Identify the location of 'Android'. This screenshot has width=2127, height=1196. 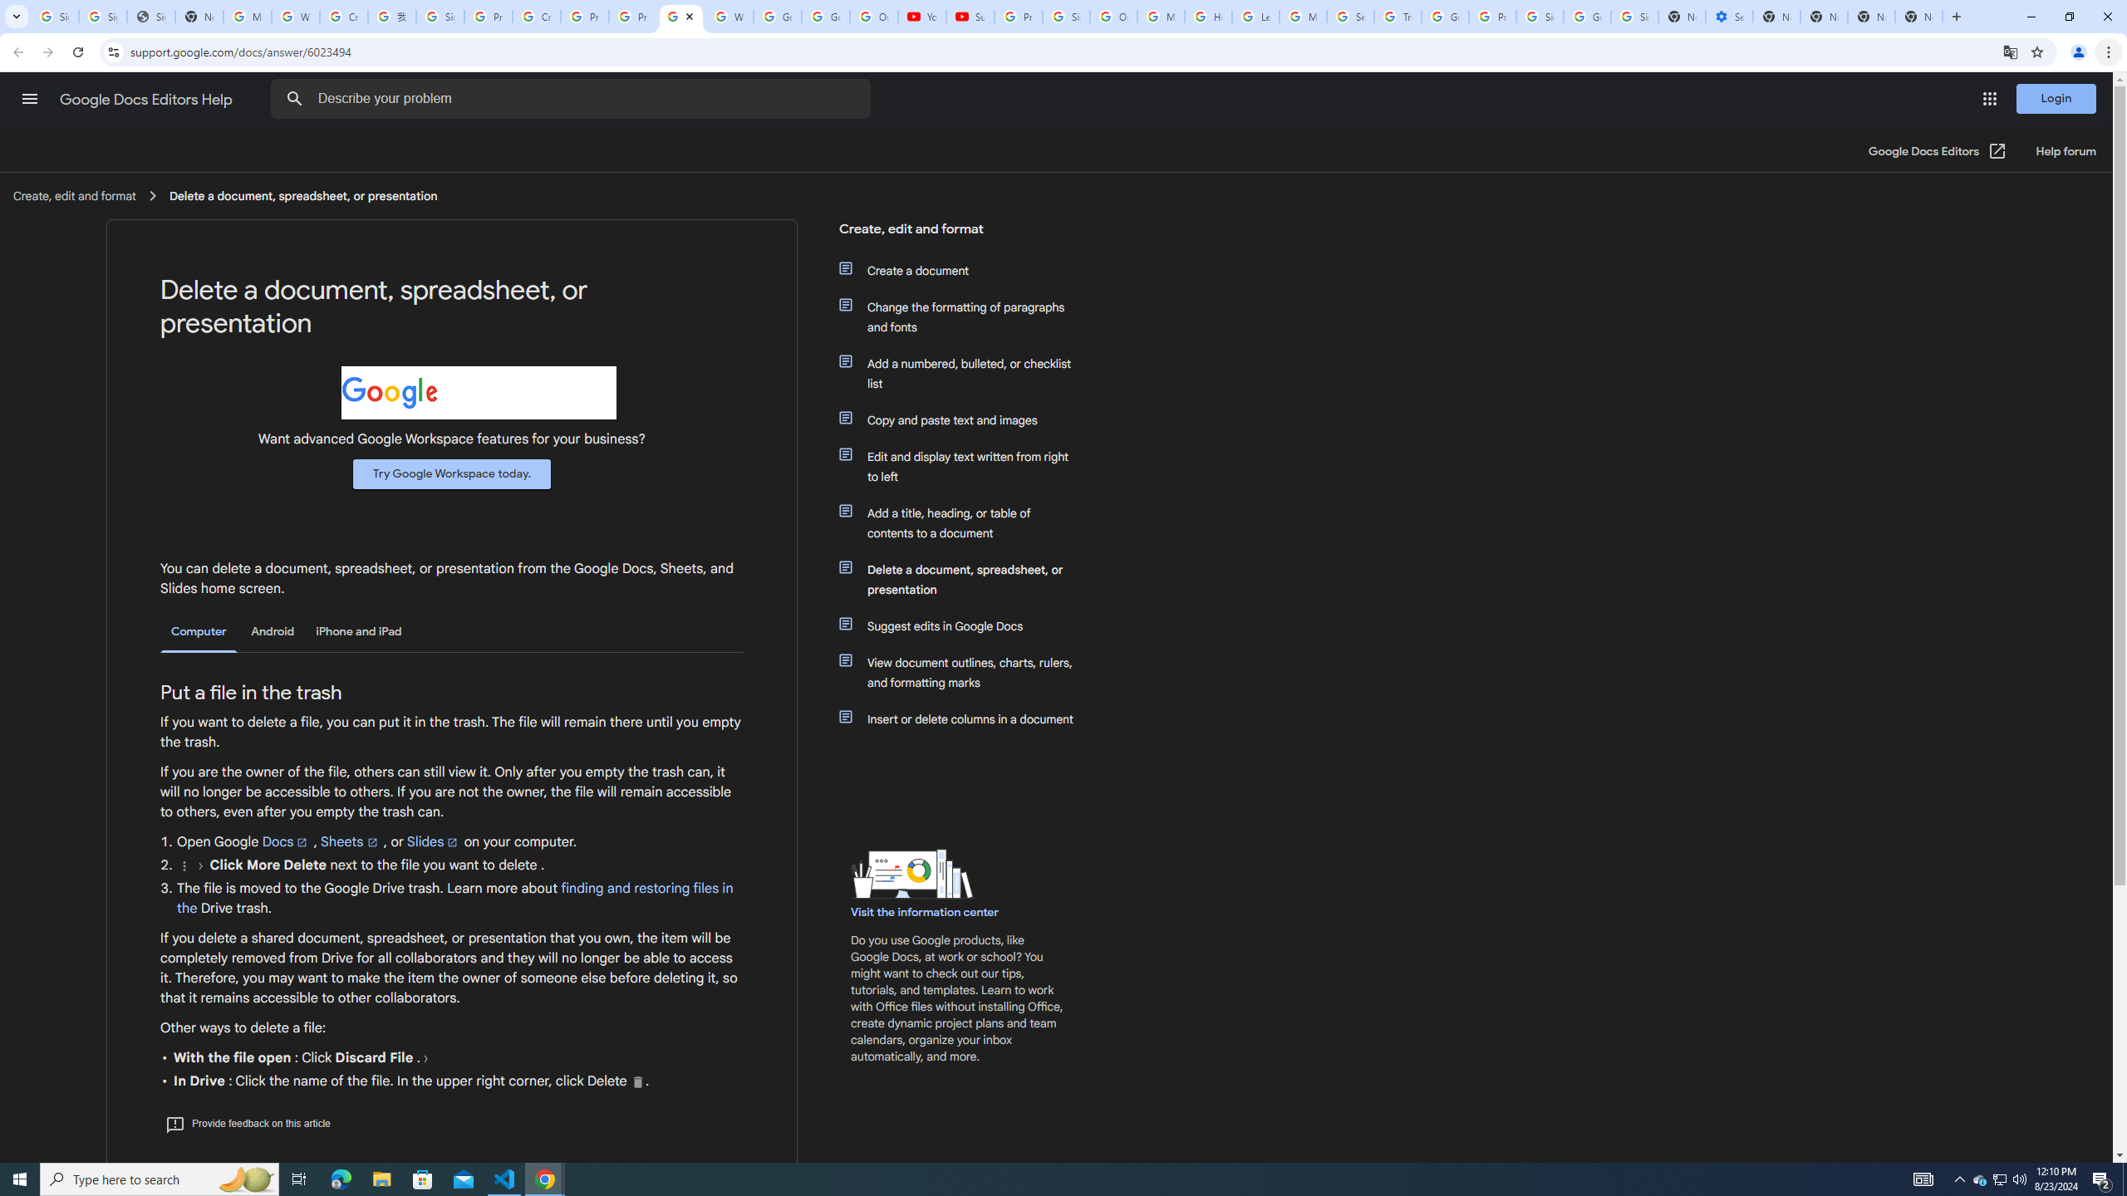
(272, 630).